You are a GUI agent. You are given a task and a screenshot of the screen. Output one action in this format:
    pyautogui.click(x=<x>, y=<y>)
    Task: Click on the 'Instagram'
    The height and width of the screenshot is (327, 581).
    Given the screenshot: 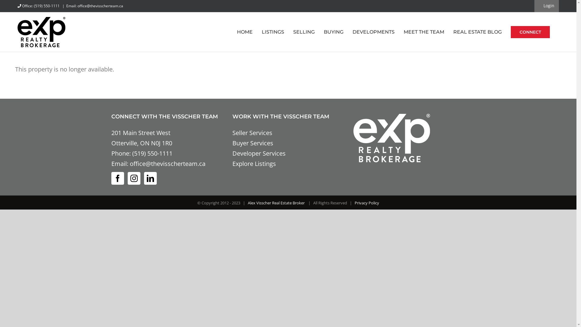 What is the action you would take?
    pyautogui.click(x=133, y=178)
    